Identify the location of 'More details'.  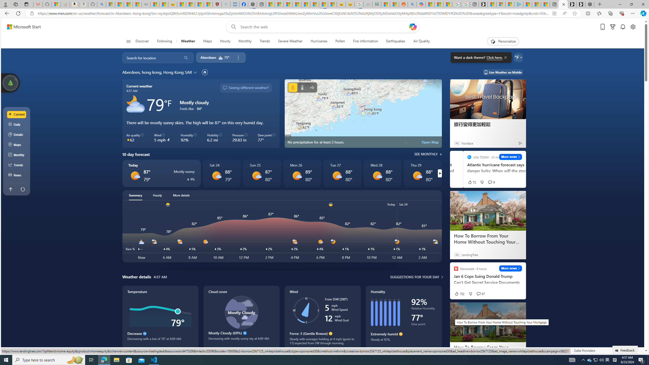
(181, 195).